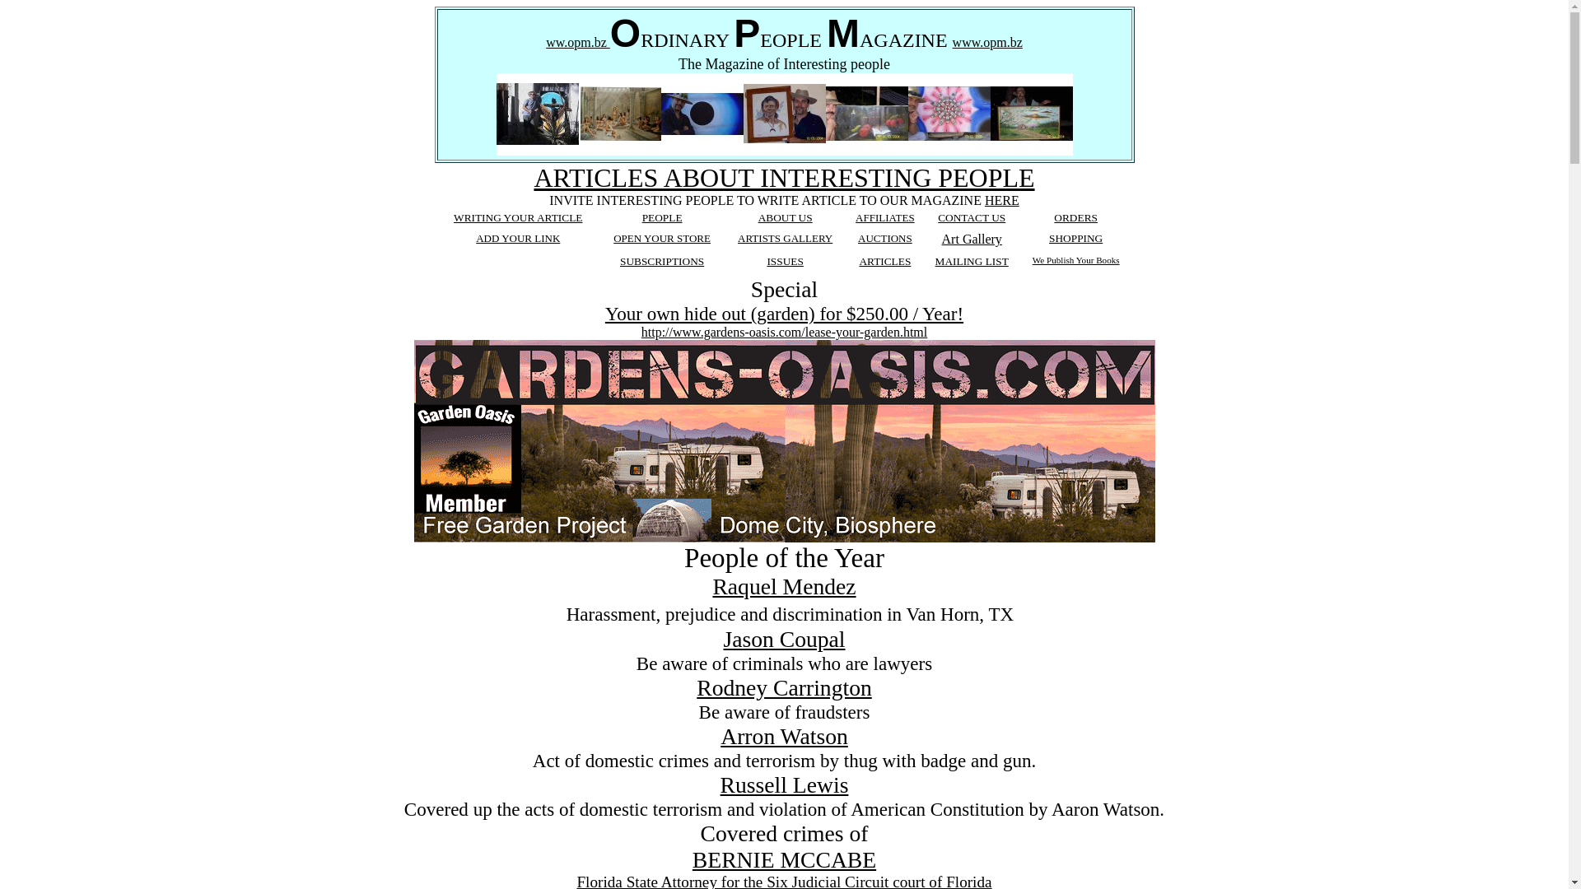  What do you see at coordinates (987, 41) in the screenshot?
I see `'www.opm.bz'` at bounding box center [987, 41].